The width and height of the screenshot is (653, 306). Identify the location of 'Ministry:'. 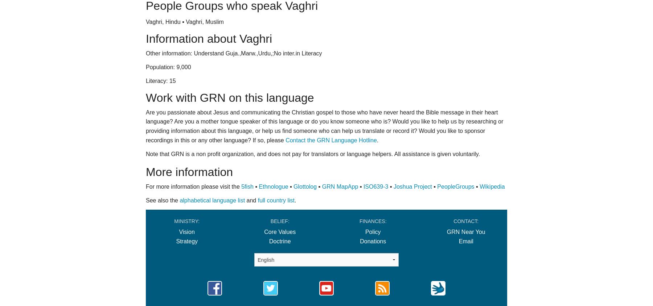
(186, 221).